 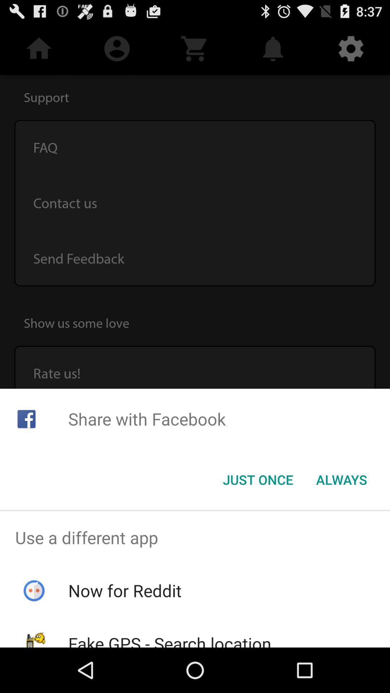 What do you see at coordinates (257, 480) in the screenshot?
I see `the app below the share with facebook app` at bounding box center [257, 480].